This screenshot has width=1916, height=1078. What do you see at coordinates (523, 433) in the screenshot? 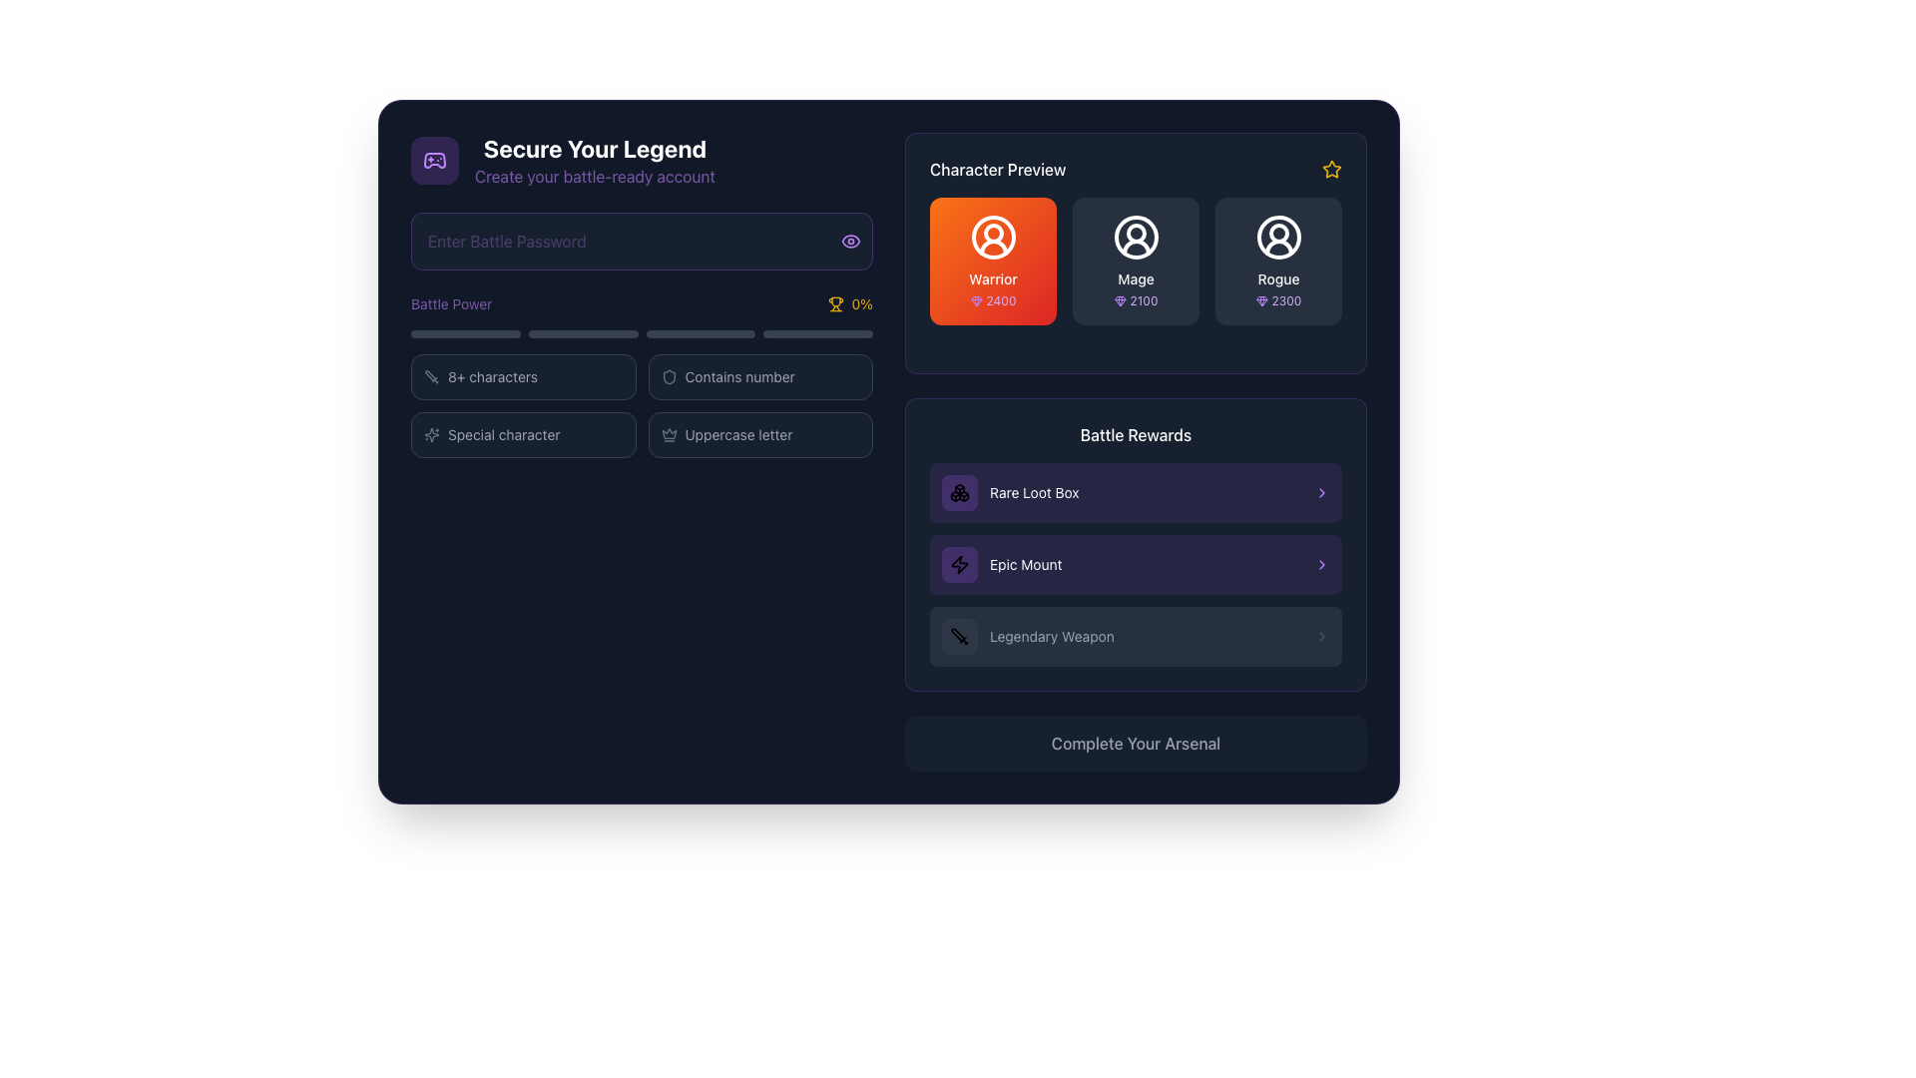
I see `the Text Label with Icon that contains the label 'Special character' and is positioned below 'Battle Power' and to the left of 'Uppercase letter'` at bounding box center [523, 433].